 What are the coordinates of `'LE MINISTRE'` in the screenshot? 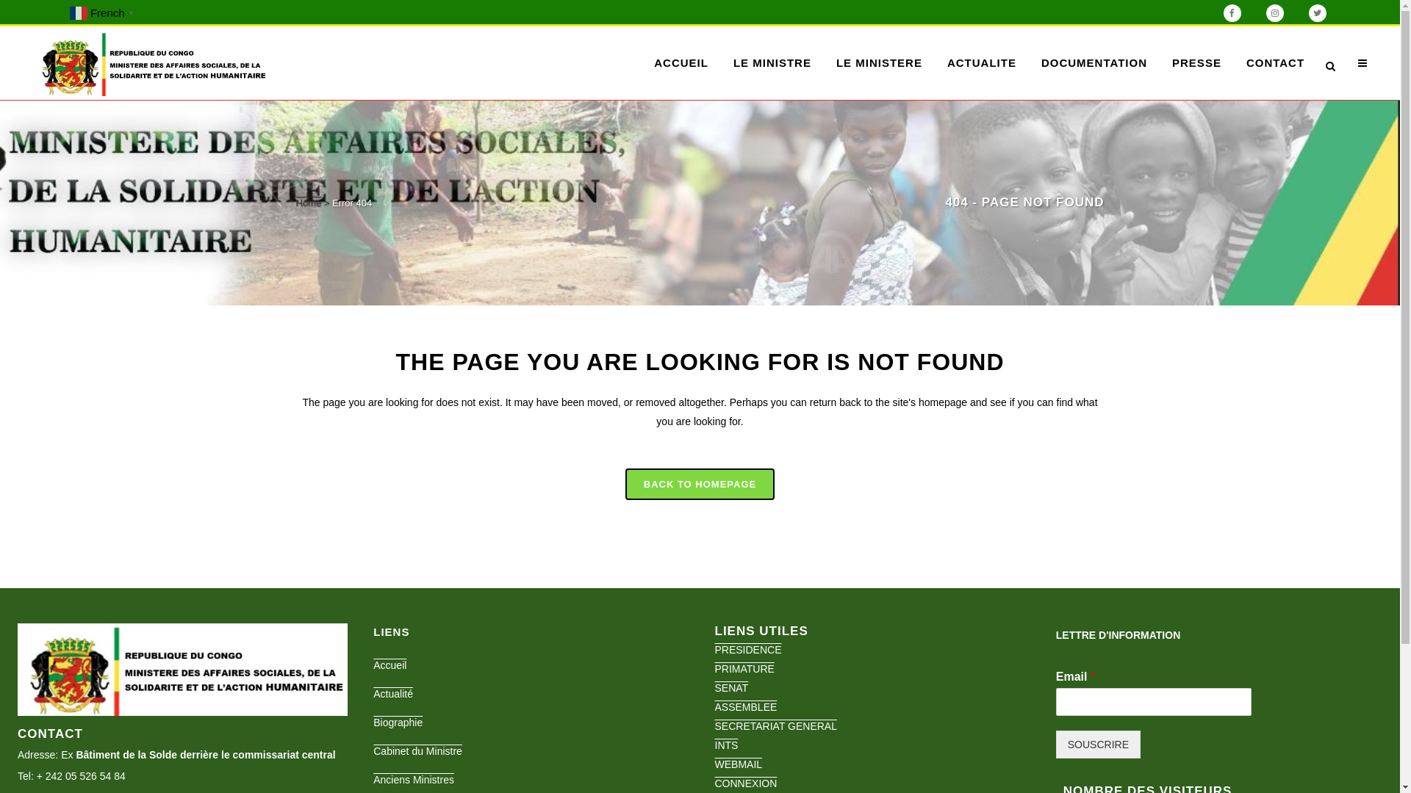 It's located at (772, 62).